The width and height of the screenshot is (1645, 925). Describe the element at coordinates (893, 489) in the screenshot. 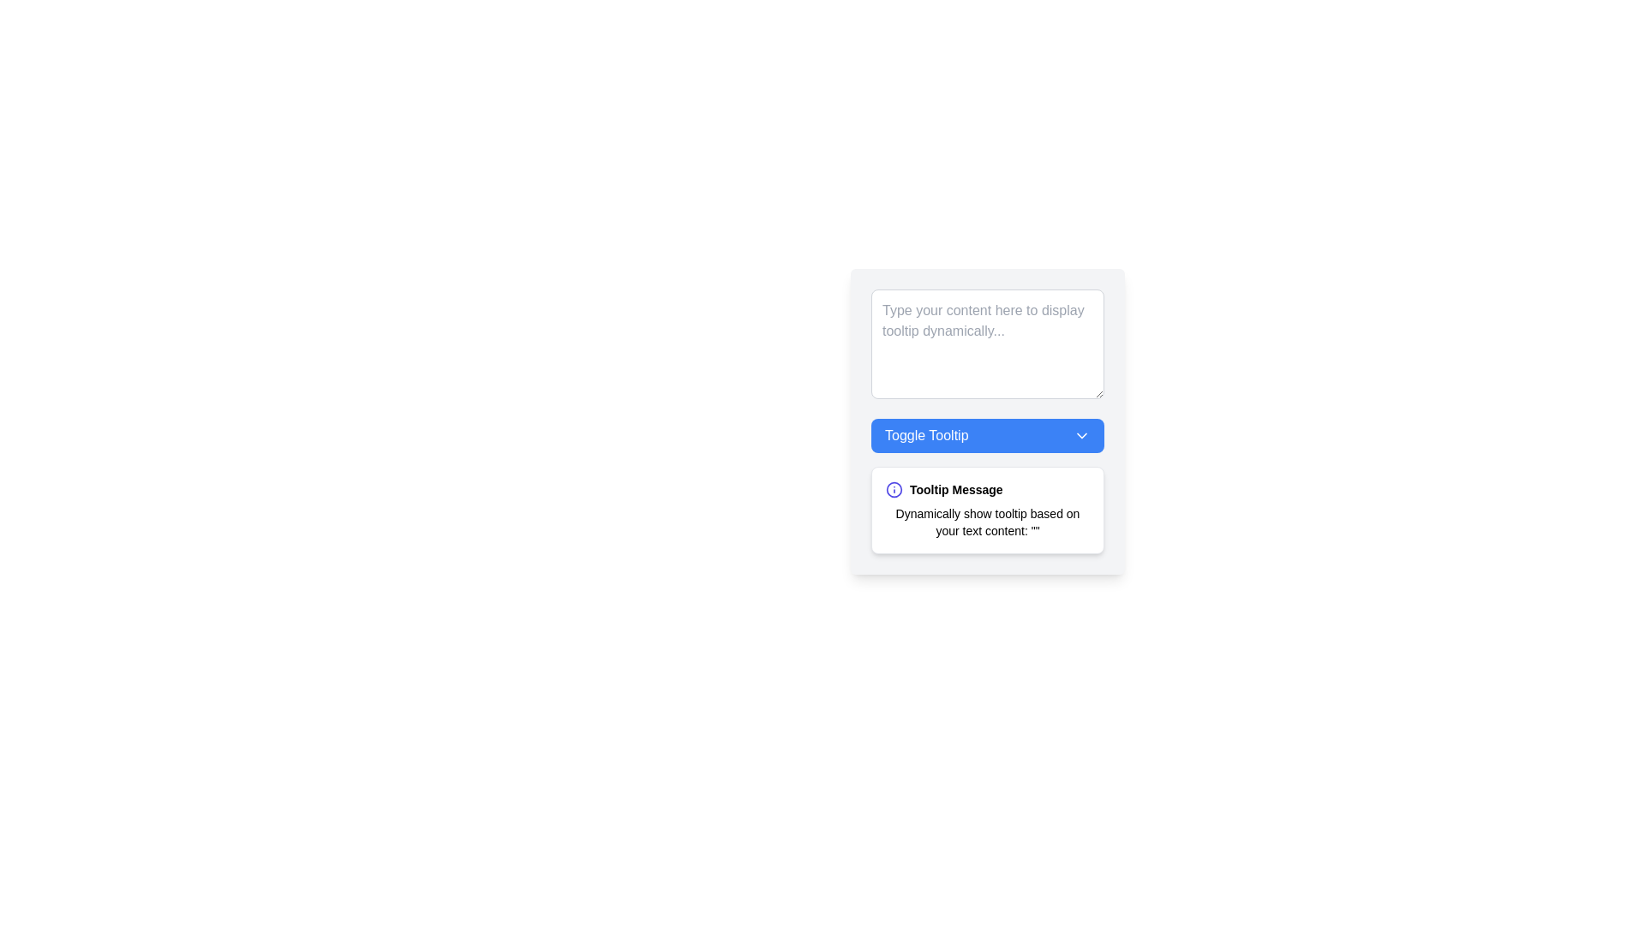

I see `the SVG Circle Icon with indigo styling located at the top left of the 'Tooltip Message' card` at that location.